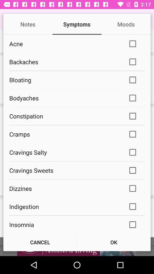  What do you see at coordinates (64, 188) in the screenshot?
I see `dizzines` at bounding box center [64, 188].